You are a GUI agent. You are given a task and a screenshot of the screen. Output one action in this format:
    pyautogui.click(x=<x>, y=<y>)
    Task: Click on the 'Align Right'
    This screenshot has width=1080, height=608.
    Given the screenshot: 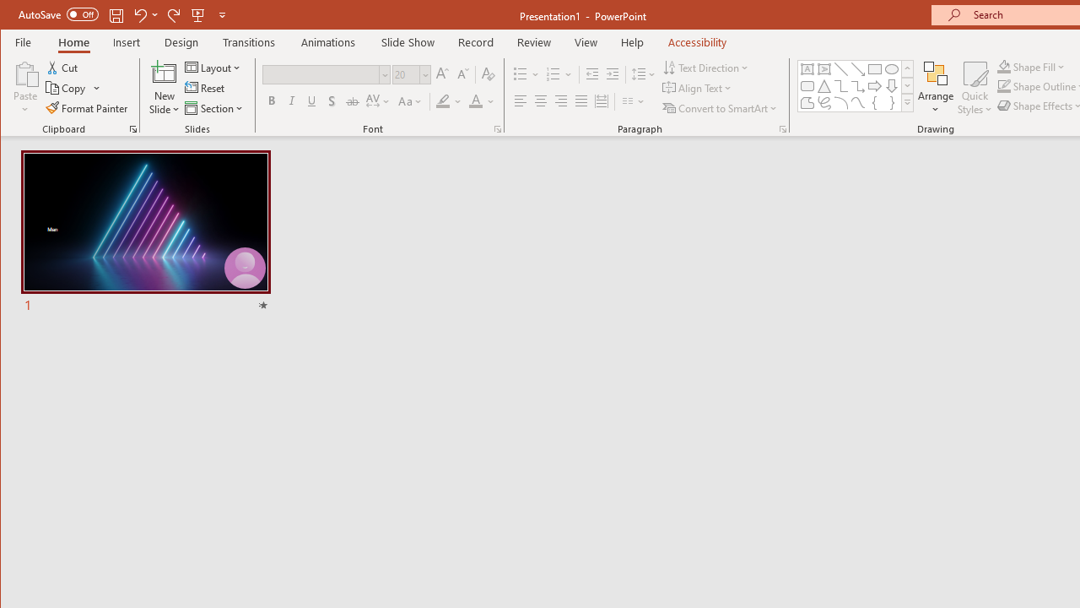 What is the action you would take?
    pyautogui.click(x=560, y=101)
    